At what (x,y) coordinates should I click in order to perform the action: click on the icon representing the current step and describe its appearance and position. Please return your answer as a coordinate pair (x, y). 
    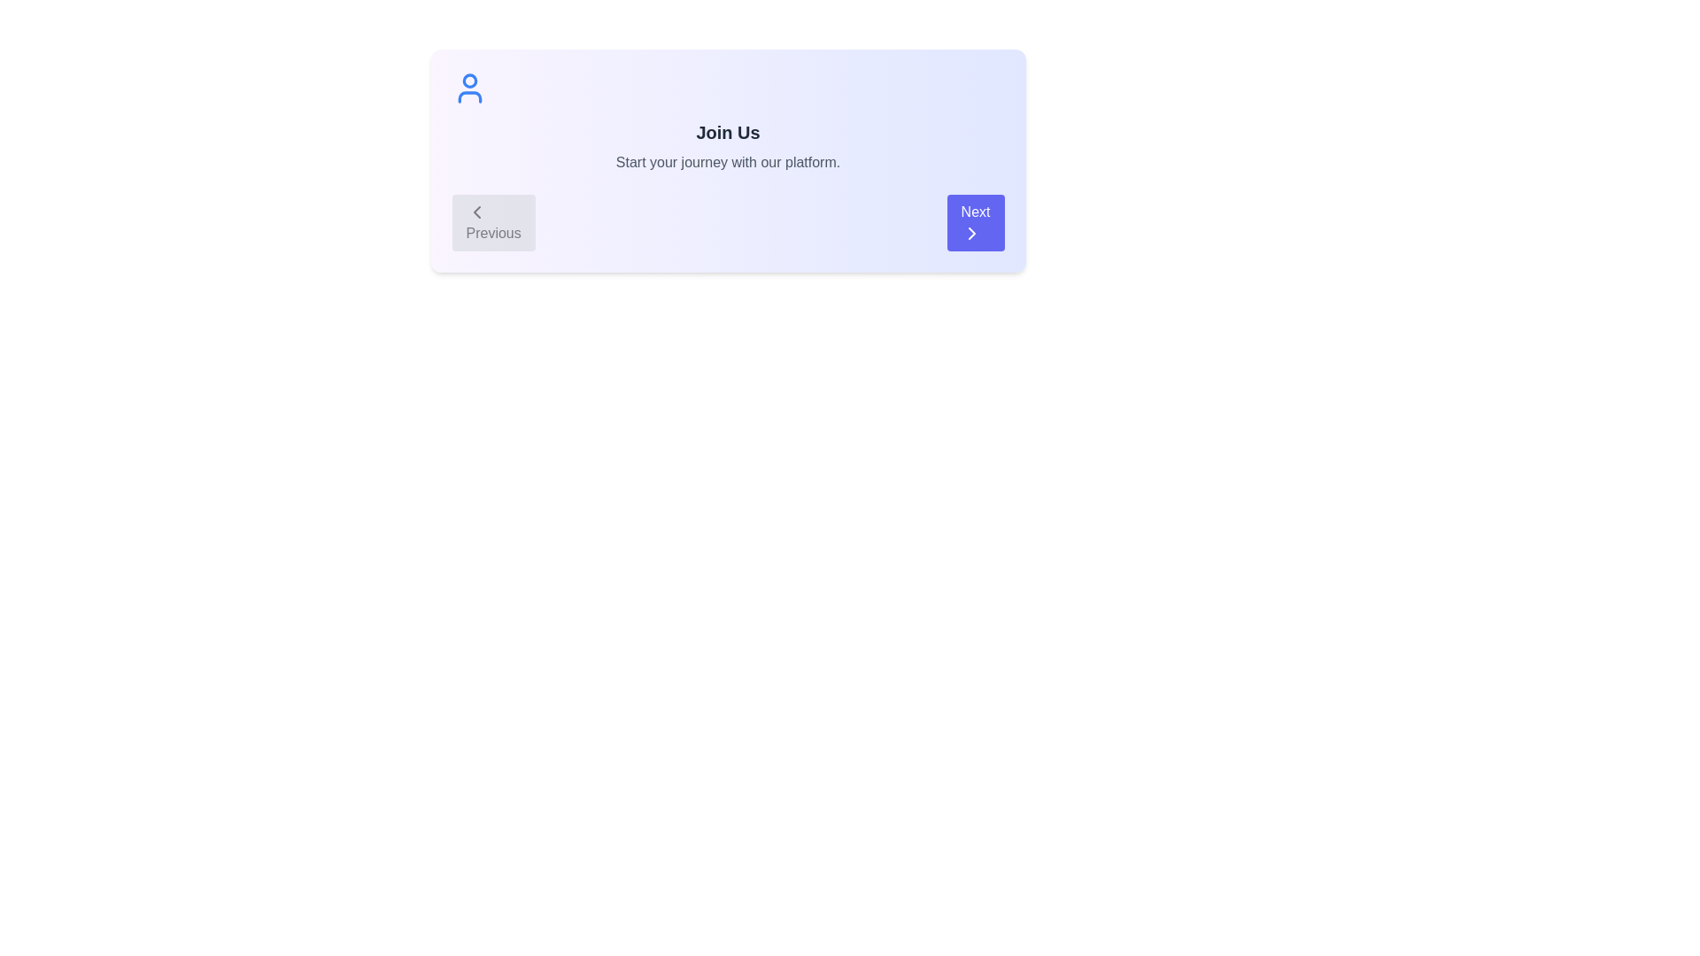
    Looking at the image, I should click on (469, 89).